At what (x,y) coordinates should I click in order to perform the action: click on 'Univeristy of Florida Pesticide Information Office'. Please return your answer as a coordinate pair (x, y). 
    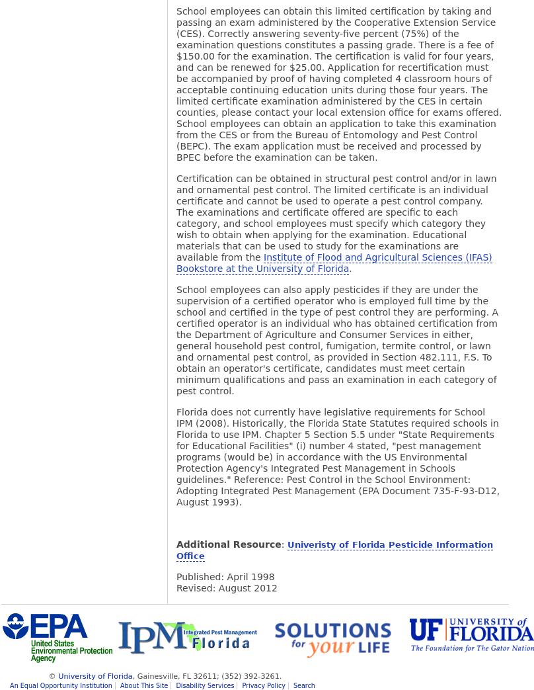
    Looking at the image, I should click on (334, 550).